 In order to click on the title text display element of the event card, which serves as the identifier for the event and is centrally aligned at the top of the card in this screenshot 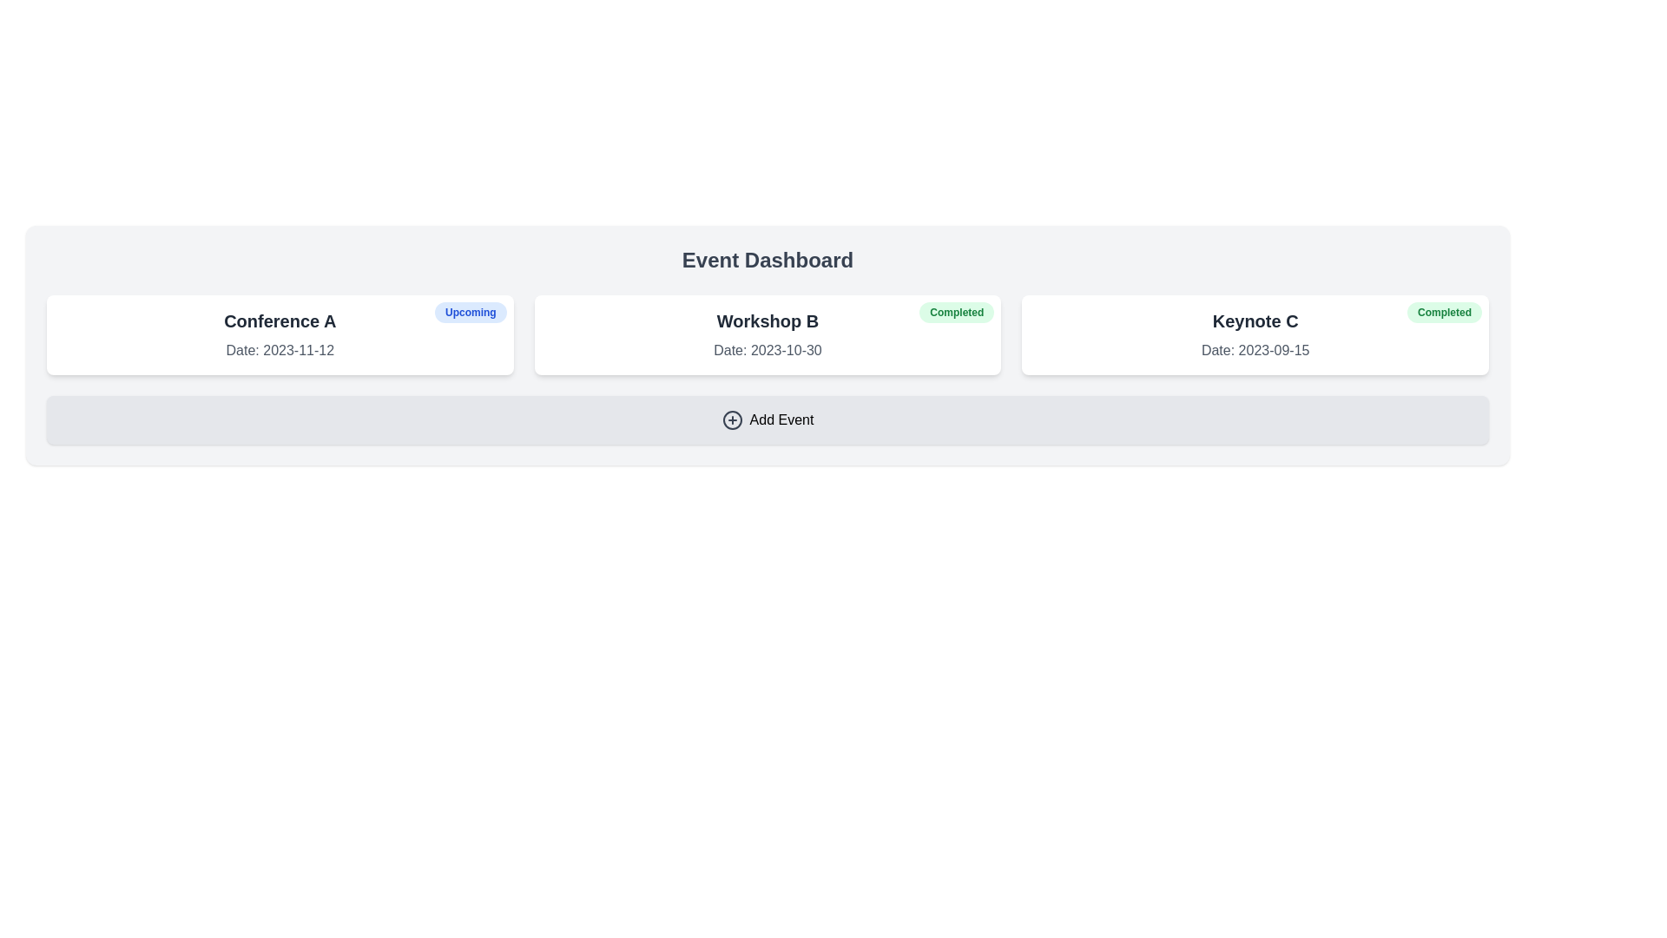, I will do `click(1255, 321)`.